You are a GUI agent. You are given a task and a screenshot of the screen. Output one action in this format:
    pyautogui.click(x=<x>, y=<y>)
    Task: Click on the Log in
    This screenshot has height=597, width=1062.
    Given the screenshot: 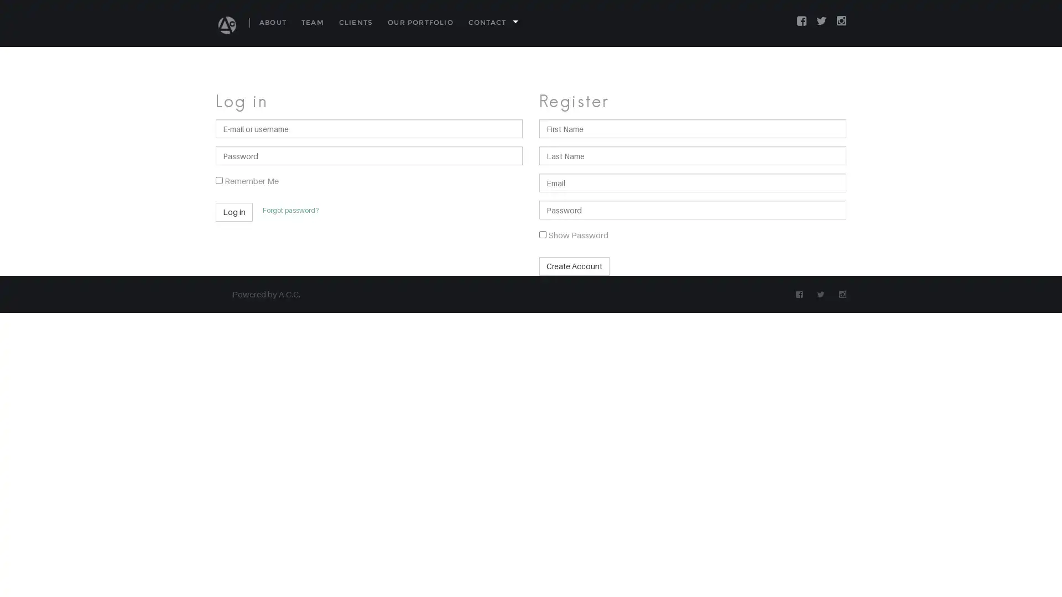 What is the action you would take?
    pyautogui.click(x=233, y=212)
    